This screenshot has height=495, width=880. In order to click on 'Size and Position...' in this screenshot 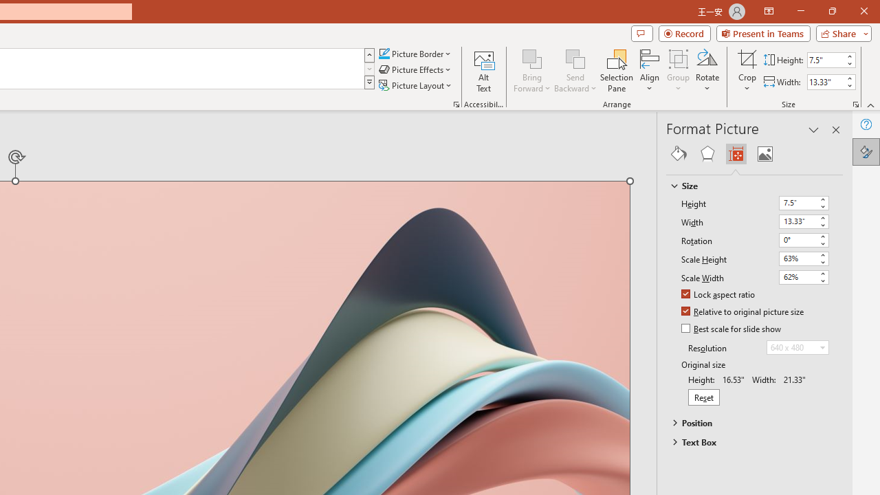, I will do `click(855, 103)`.